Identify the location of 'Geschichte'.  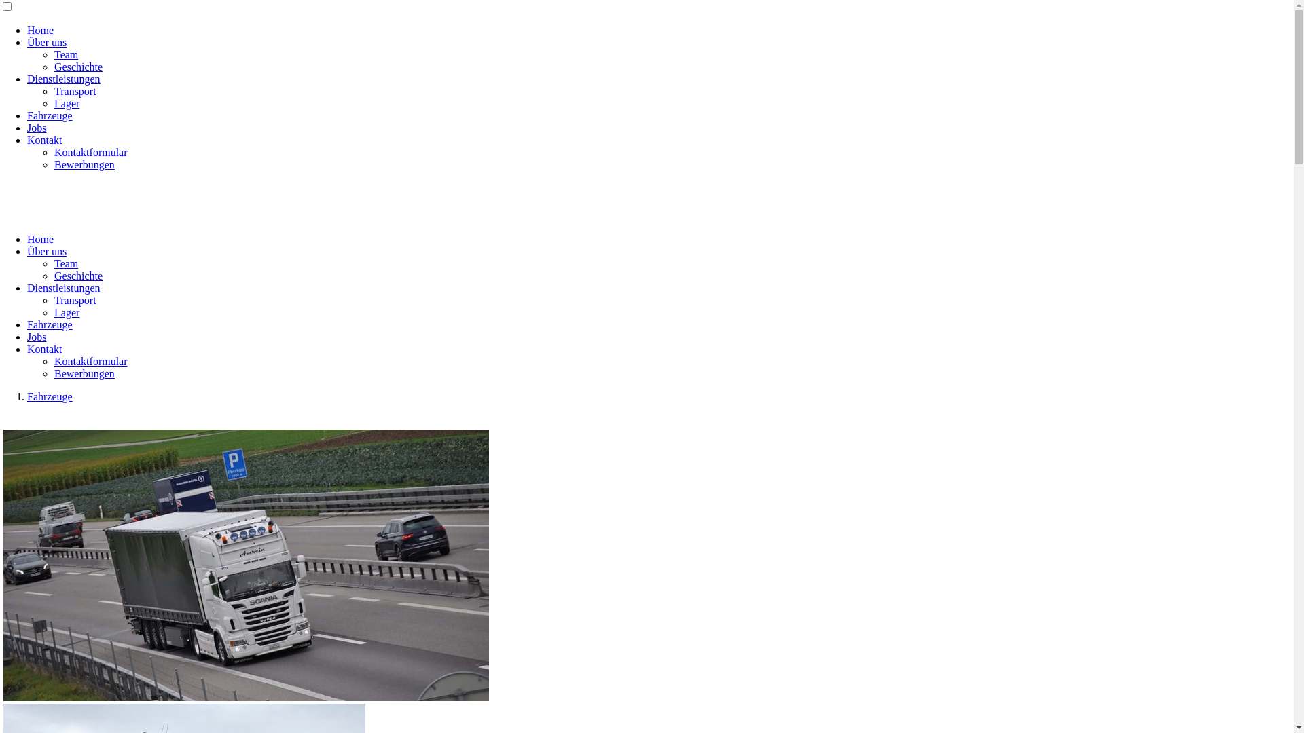
(77, 275).